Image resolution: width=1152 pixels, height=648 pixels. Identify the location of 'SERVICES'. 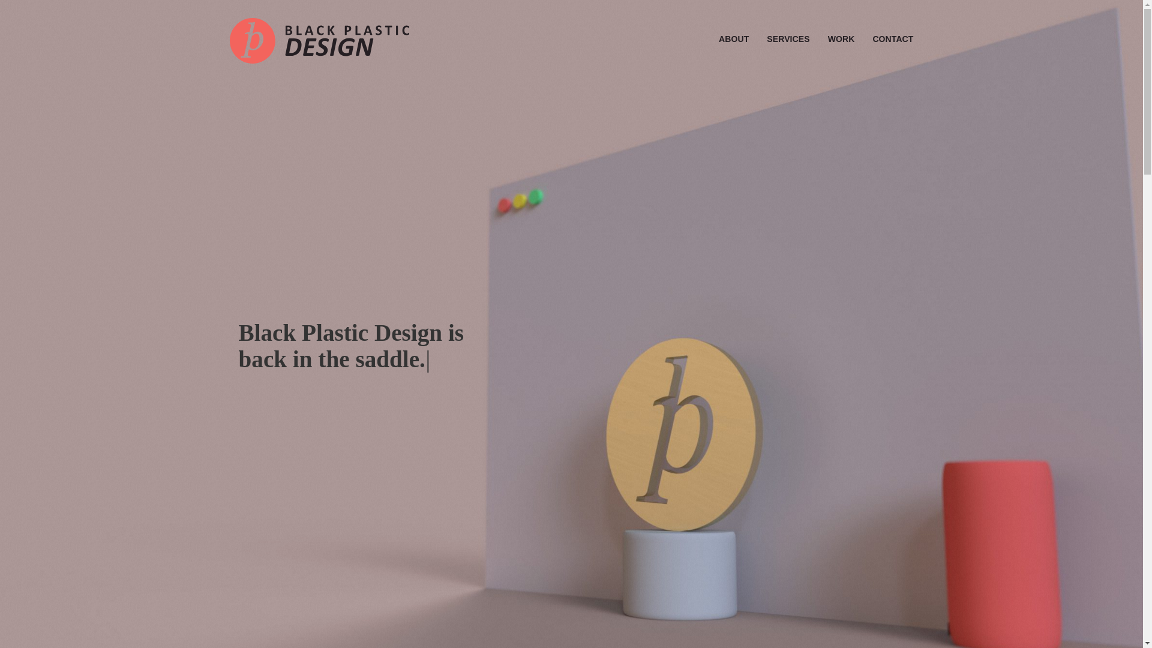
(788, 38).